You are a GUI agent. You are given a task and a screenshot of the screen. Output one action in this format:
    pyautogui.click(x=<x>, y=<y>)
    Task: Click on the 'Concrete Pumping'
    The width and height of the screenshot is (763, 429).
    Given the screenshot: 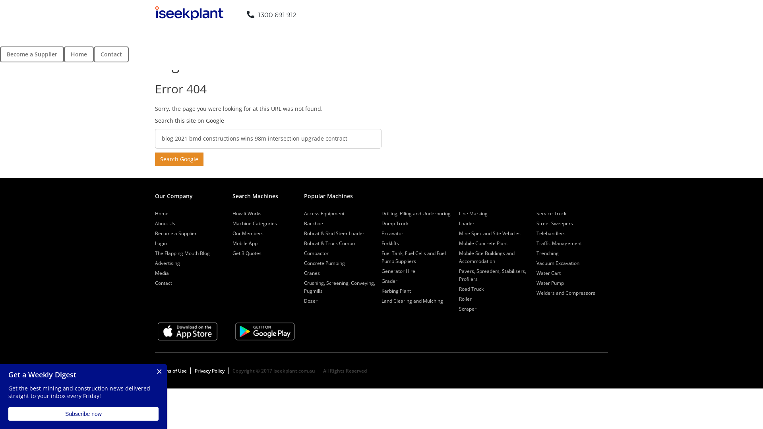 What is the action you would take?
    pyautogui.click(x=303, y=263)
    